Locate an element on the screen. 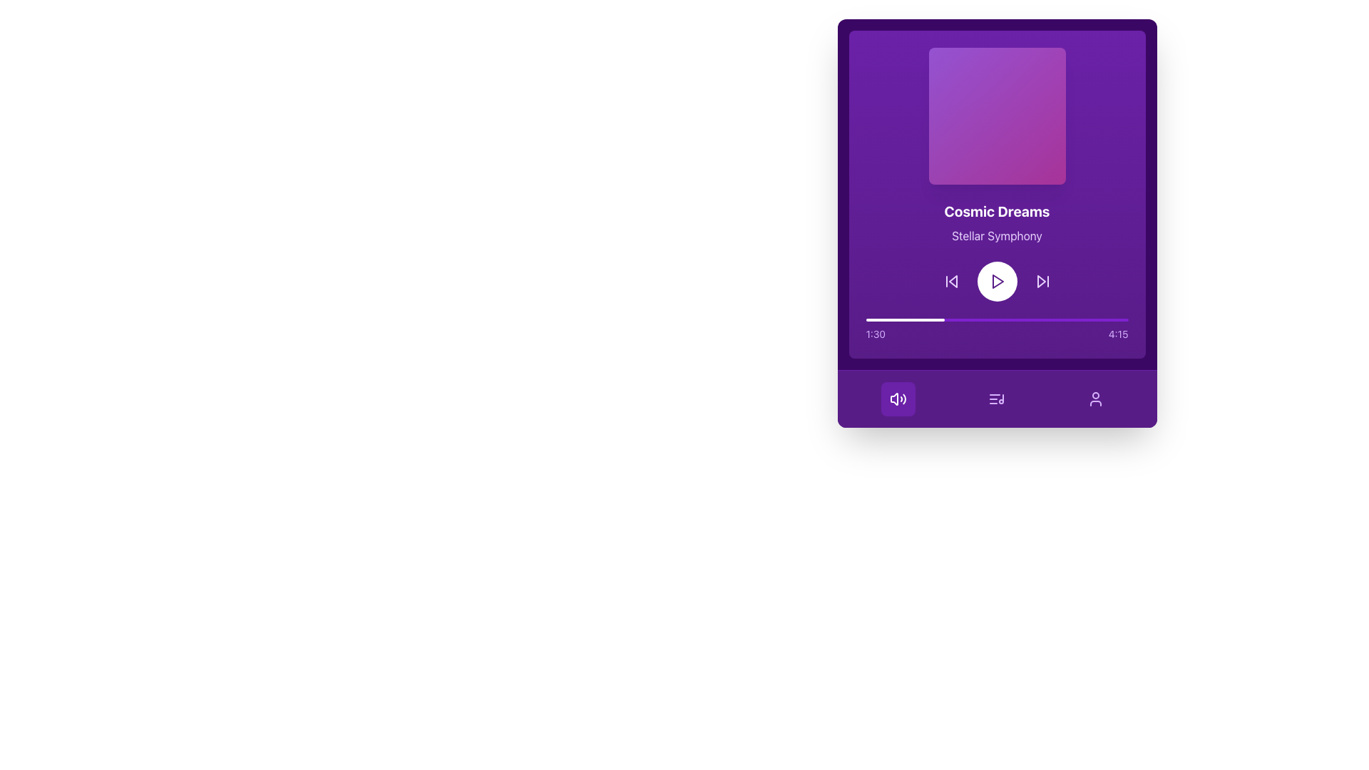  the horizontal progress bar with a purple background and rounded edges to seek to a different time position is located at coordinates (996, 319).